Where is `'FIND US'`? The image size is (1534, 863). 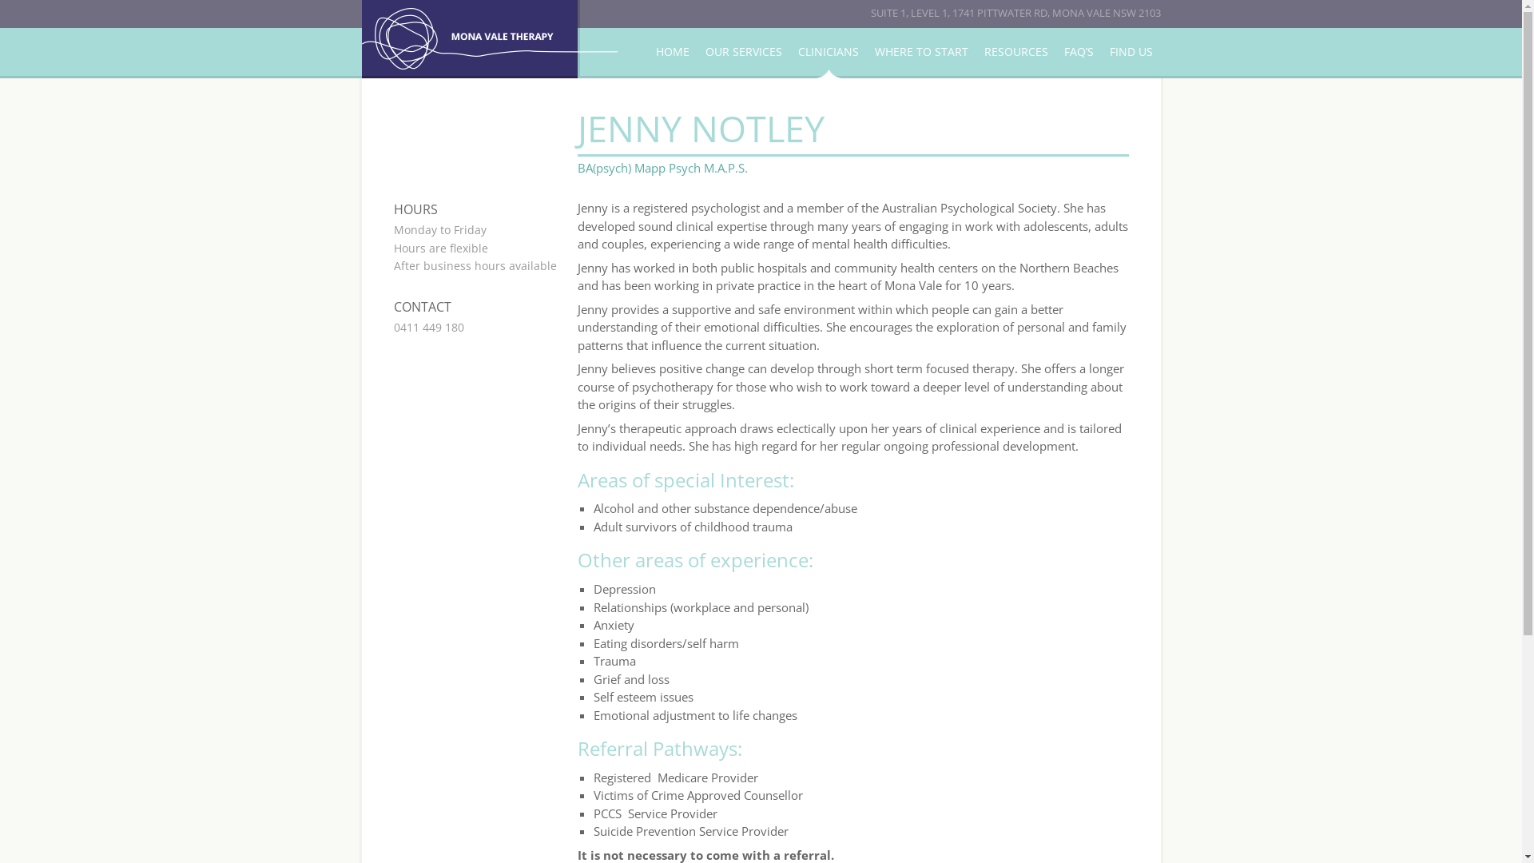 'FIND US' is located at coordinates (1130, 51).